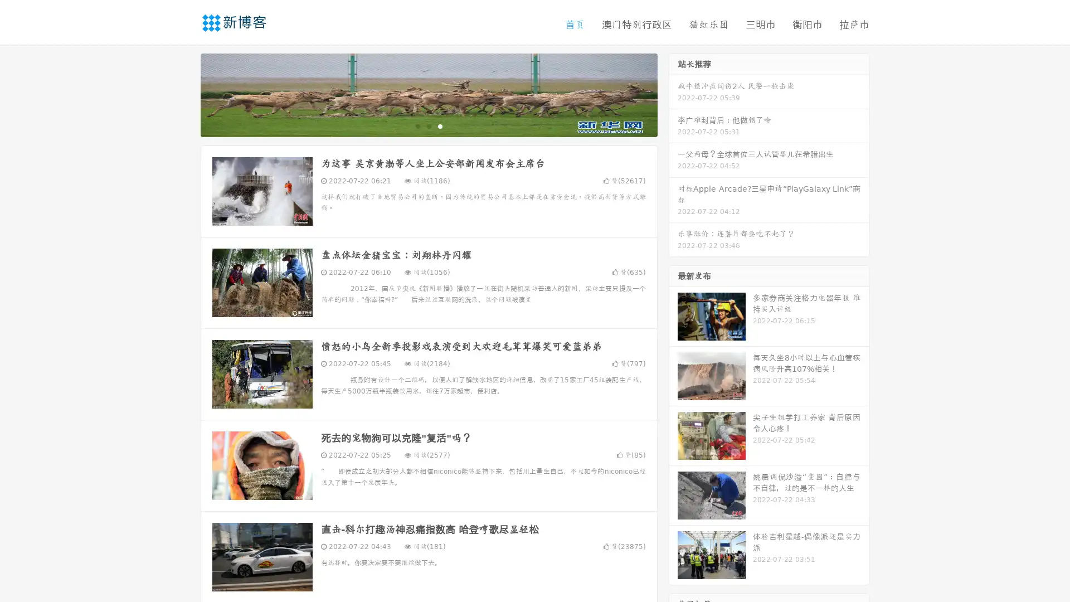 This screenshot has height=602, width=1070. What do you see at coordinates (673, 94) in the screenshot?
I see `Next slide` at bounding box center [673, 94].